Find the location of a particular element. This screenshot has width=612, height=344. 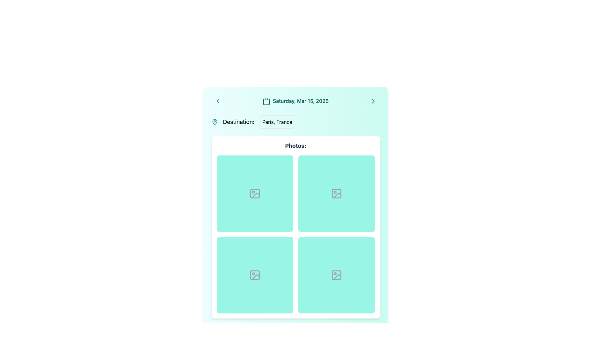

the teal-outlined rightward-pointing chevron button located in the top-right corner of the interface is located at coordinates (373, 101).